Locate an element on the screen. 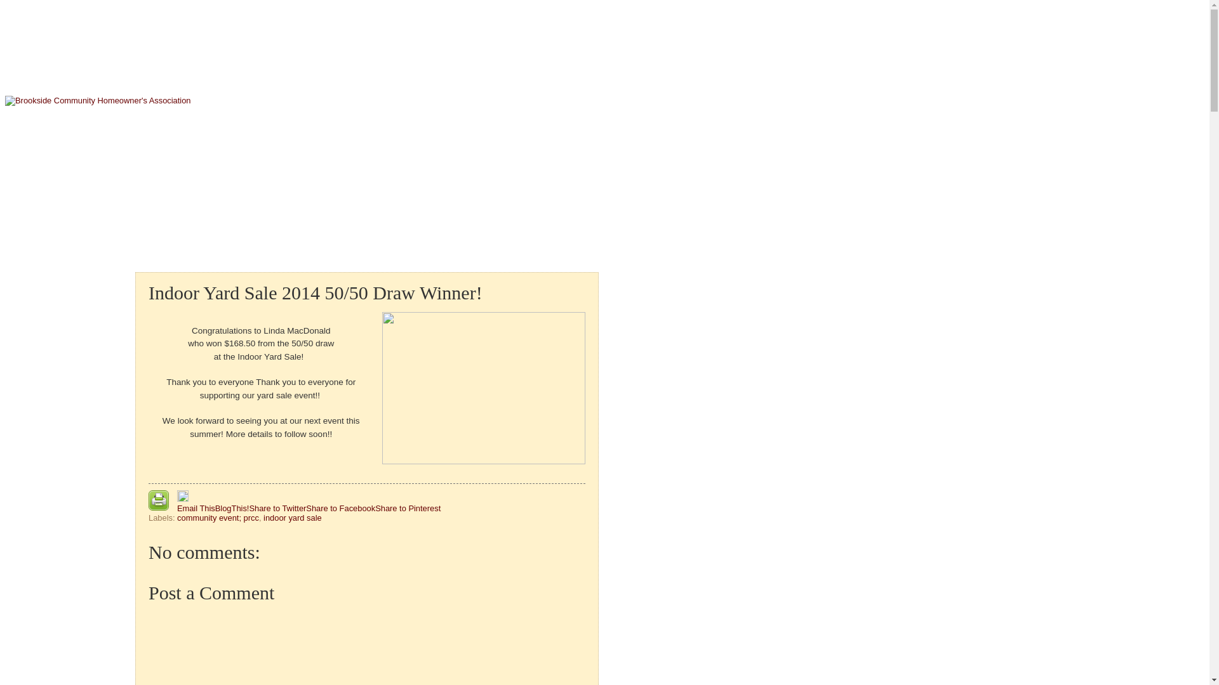 The image size is (1219, 685). 'Share to Pinterest' is located at coordinates (408, 507).